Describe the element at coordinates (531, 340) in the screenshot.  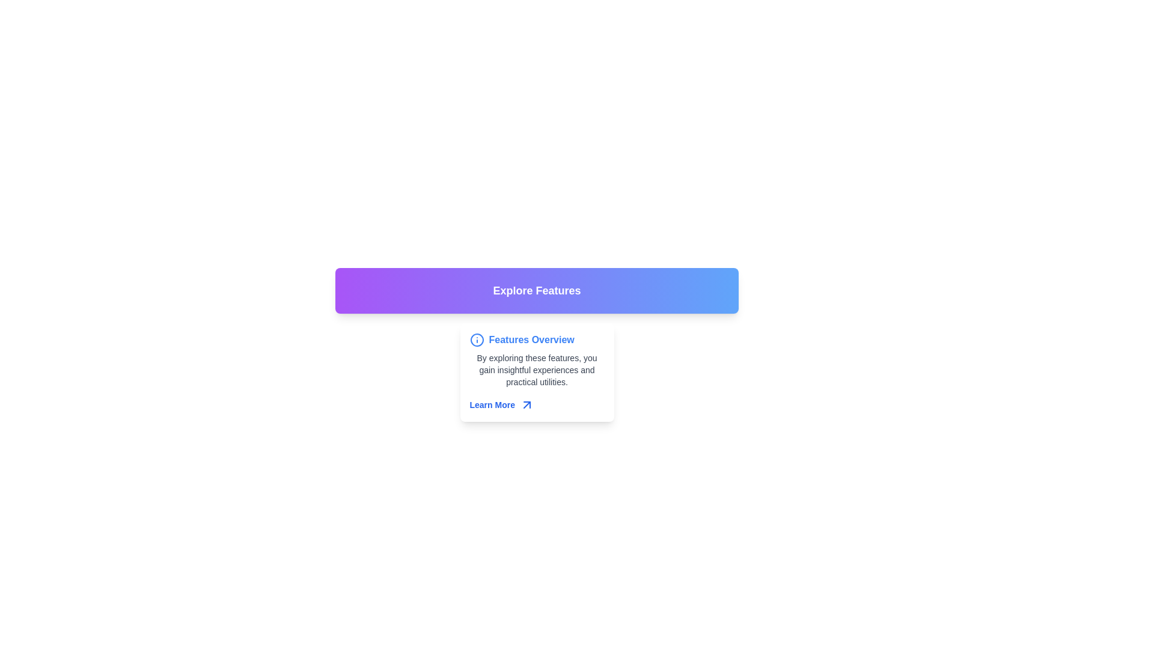
I see `the 'Features Overview' text label, which is styled with blue font and located under the 'Explore Features' header, accompanied by an information icon` at that location.